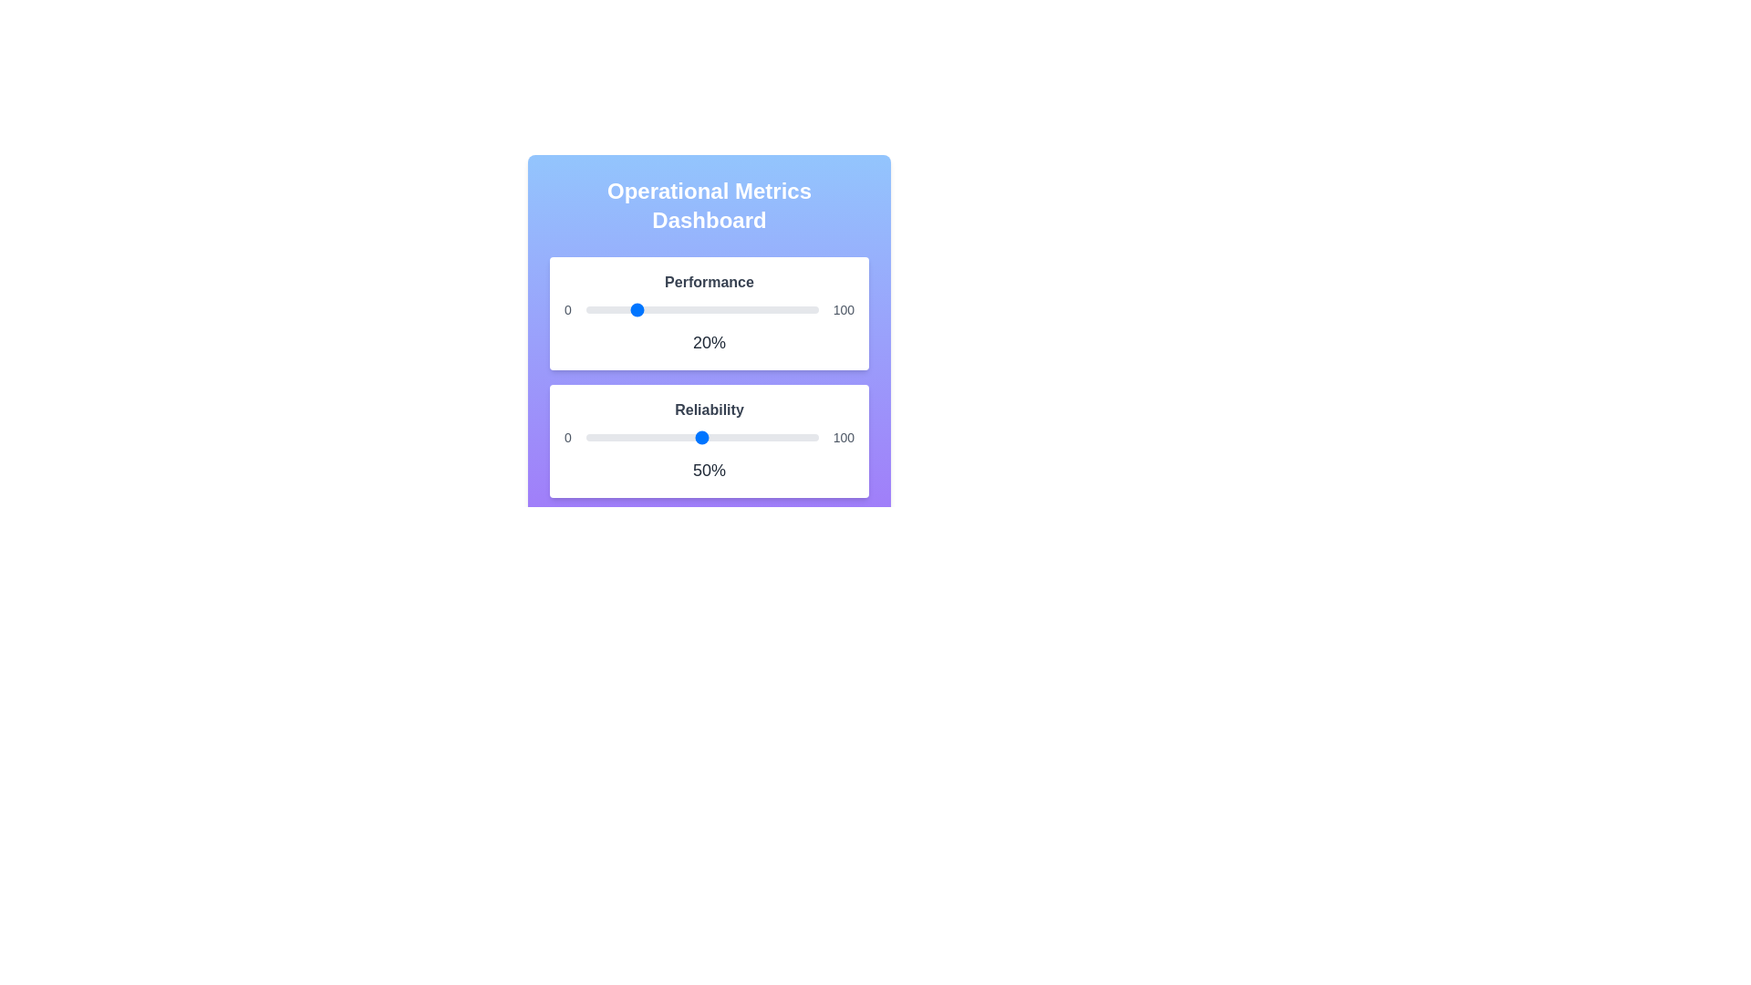  I want to click on the slider value, so click(605, 308).